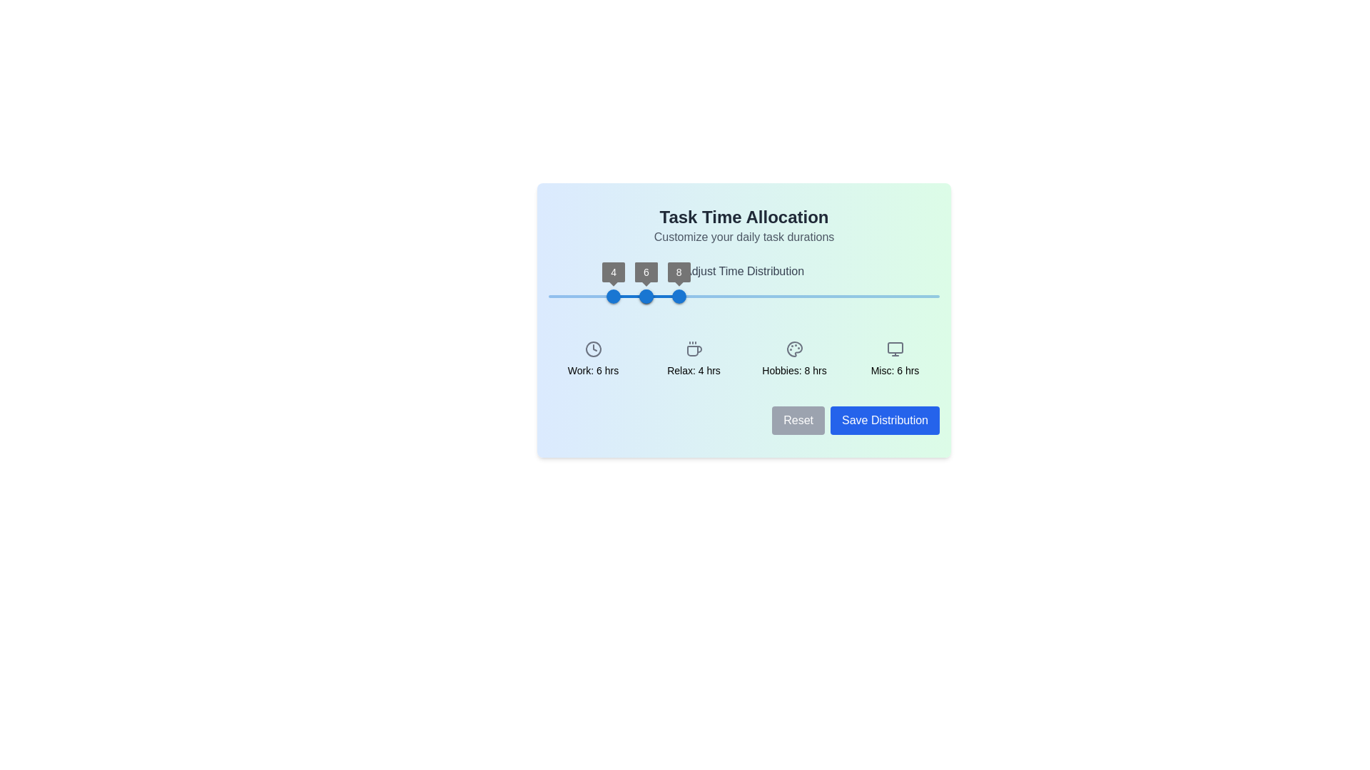 The width and height of the screenshot is (1370, 770). I want to click on the slider value, so click(525, 296).